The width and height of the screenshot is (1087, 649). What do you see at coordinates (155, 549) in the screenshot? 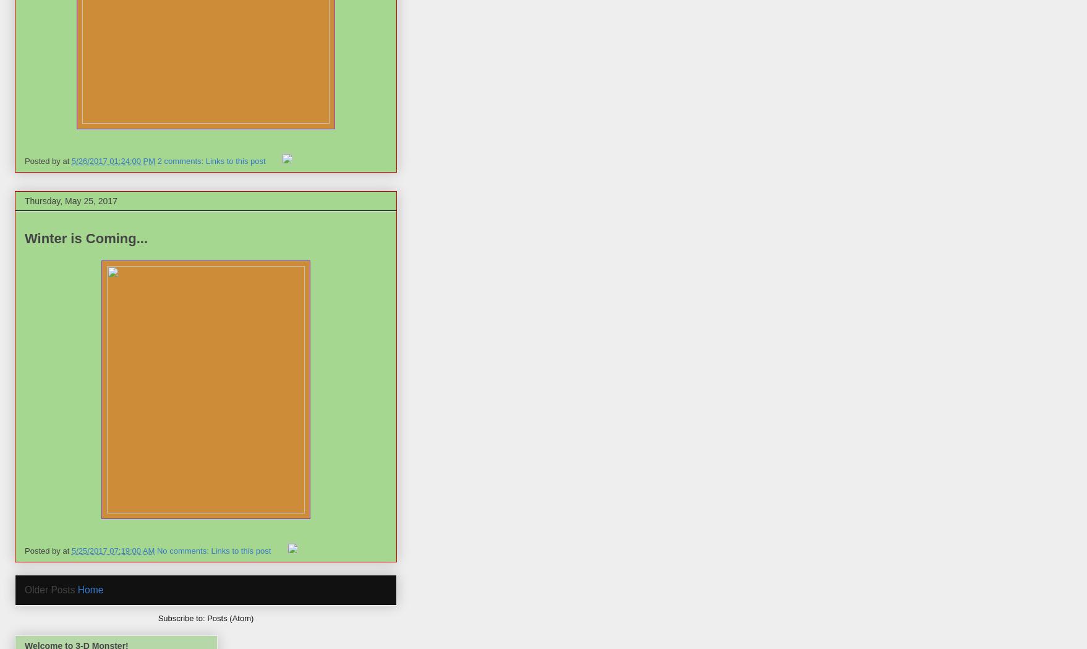
I see `'No comments:'` at bounding box center [155, 549].